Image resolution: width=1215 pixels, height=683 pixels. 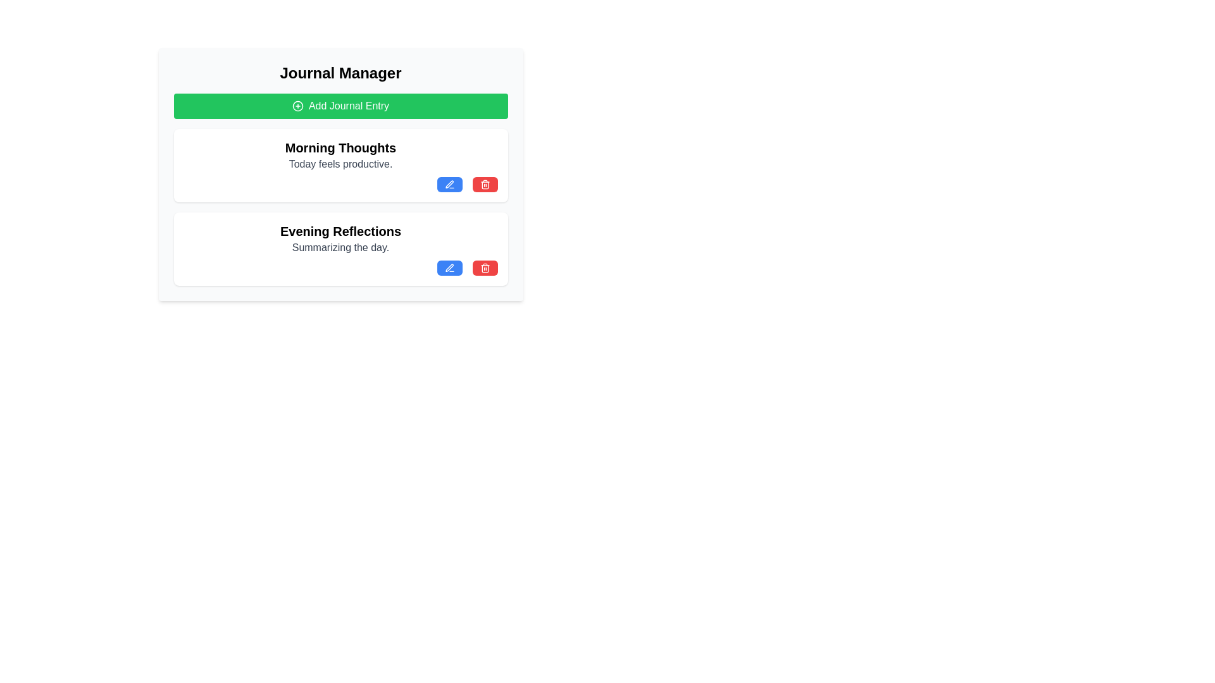 What do you see at coordinates (449, 184) in the screenshot?
I see `the edit icon located within the blue button to the left of the trash bin icon, associated with the item 'Morning Thoughts'` at bounding box center [449, 184].